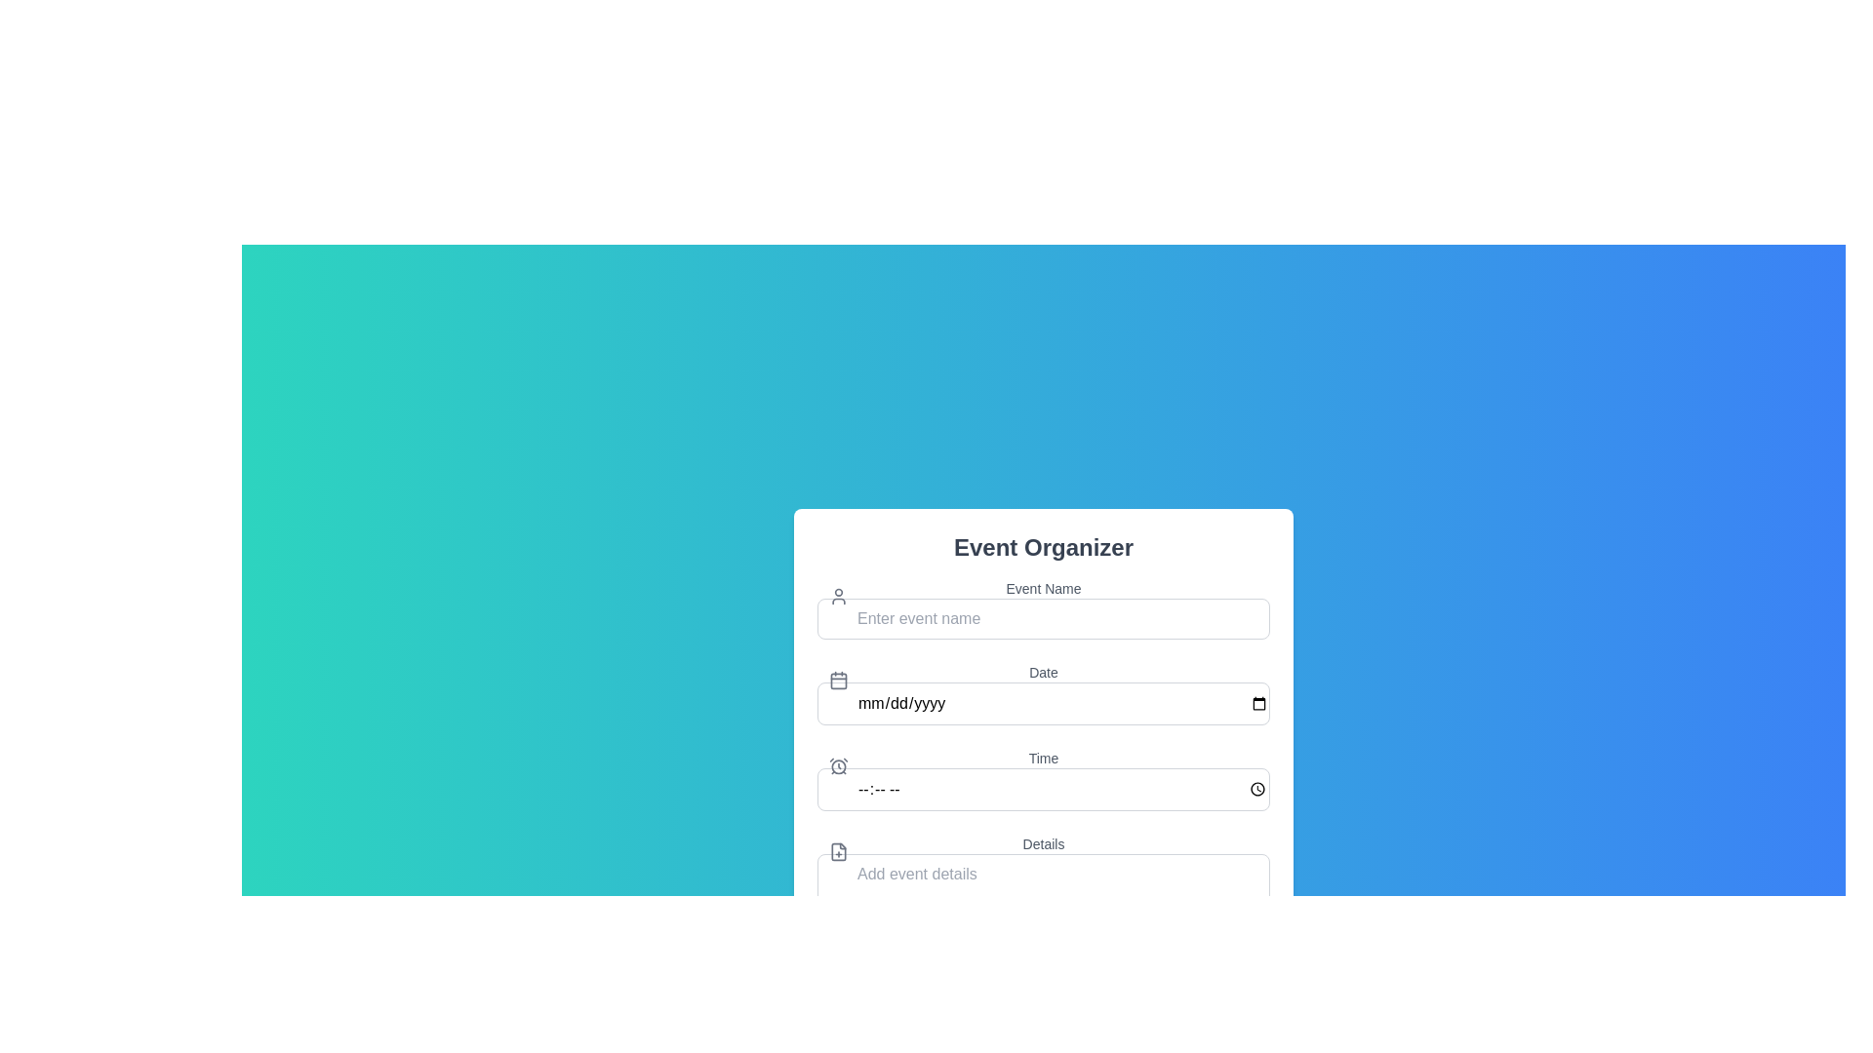 Image resolution: width=1873 pixels, height=1053 pixels. Describe the element at coordinates (1043, 586) in the screenshot. I see `the label indicating the purpose of the adjacent input field for 'Event Name', located near the top of the form interface, slightly to the right of a gray user icon` at that location.